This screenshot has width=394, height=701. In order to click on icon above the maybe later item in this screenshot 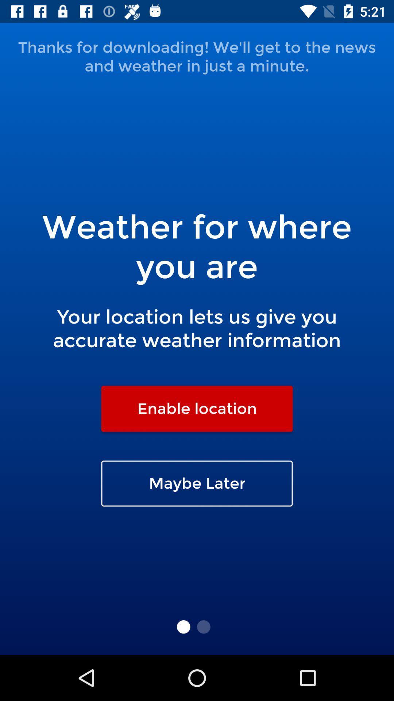, I will do `click(197, 408)`.